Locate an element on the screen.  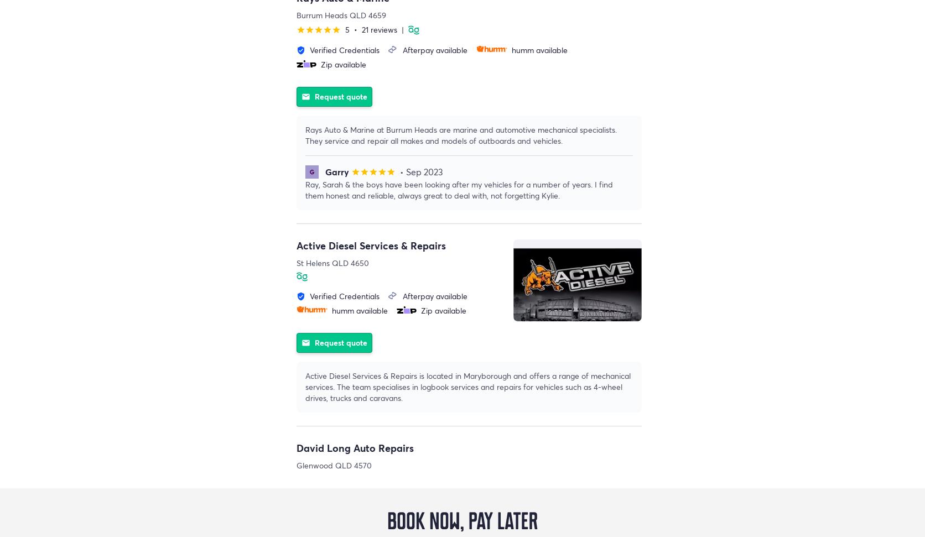
'Buy Now Pay Later' is located at coordinates (0, 505).